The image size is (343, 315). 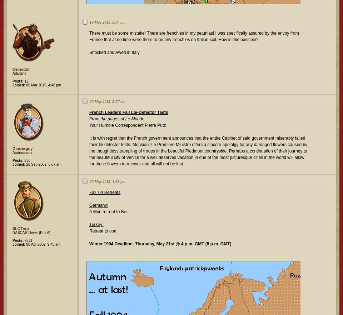 I want to click on 'Deinodon', so click(x=12, y=69).